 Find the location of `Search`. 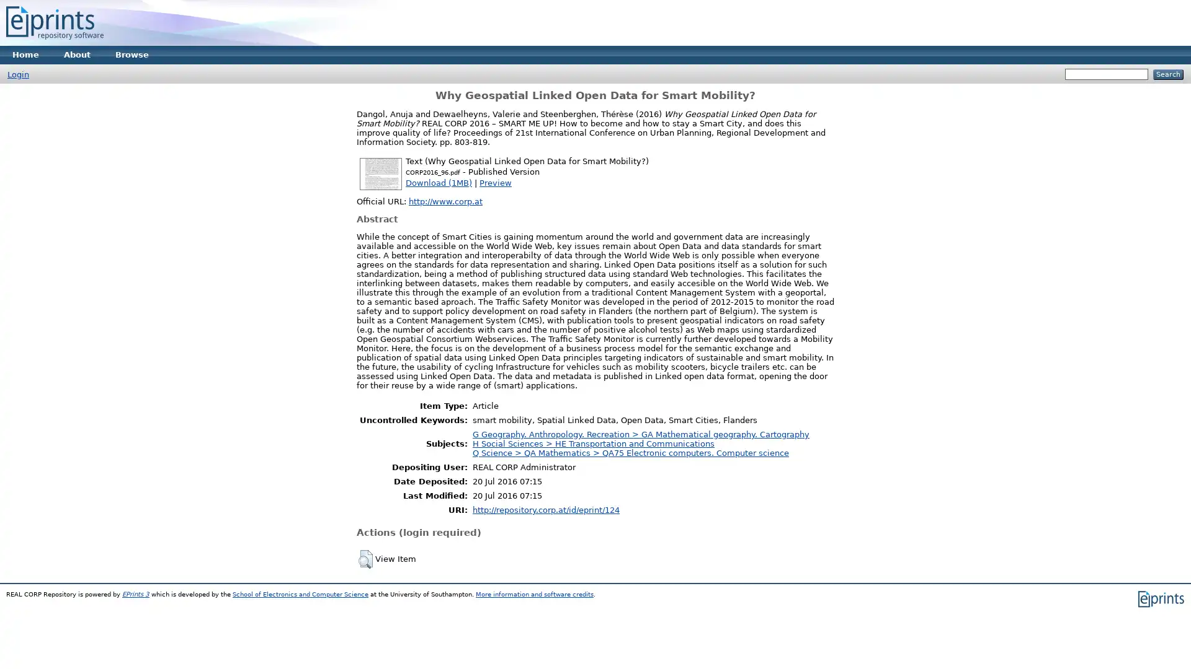

Search is located at coordinates (1167, 74).